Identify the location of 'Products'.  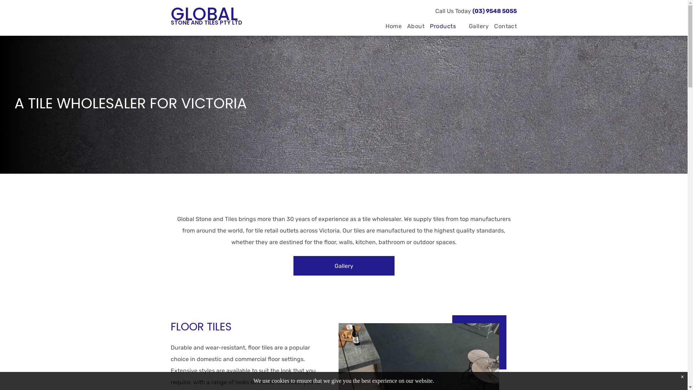
(443, 26).